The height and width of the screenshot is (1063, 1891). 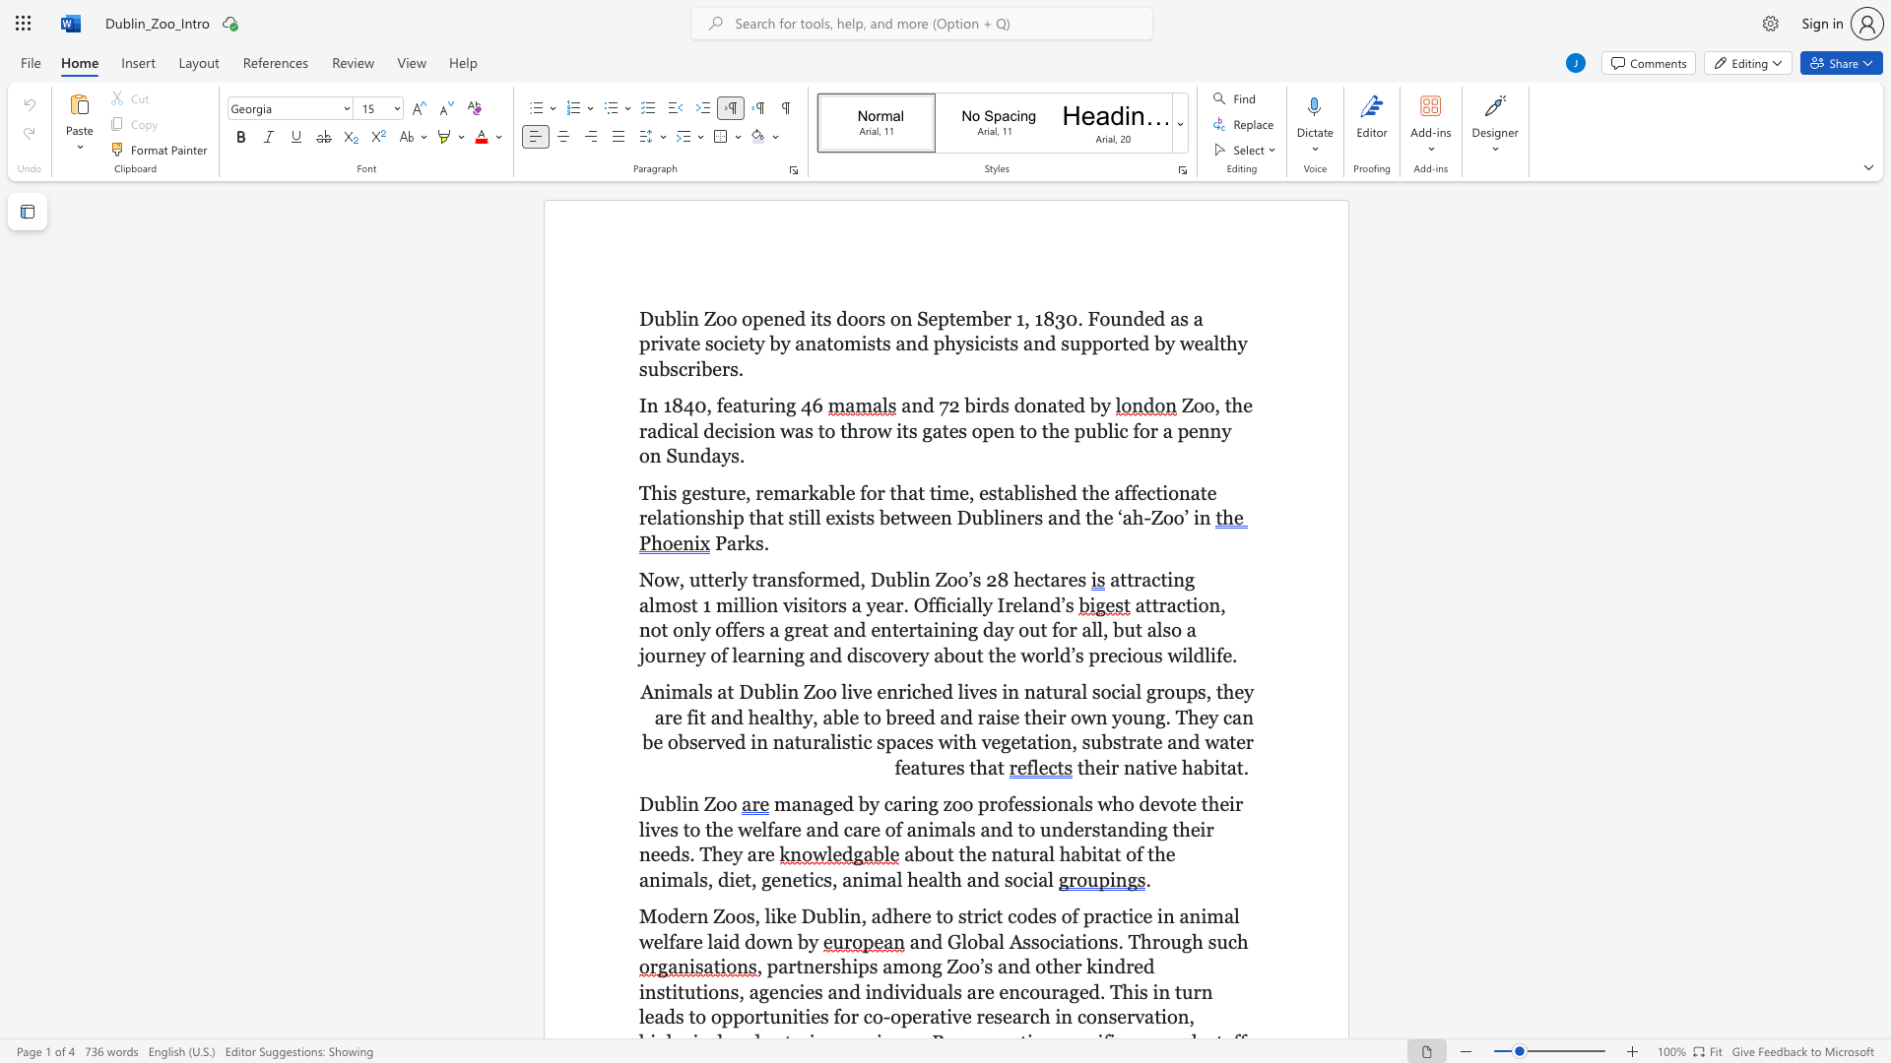 I want to click on the subset text "ng 46" within the text "In 1840, featuring 46", so click(x=773, y=405).